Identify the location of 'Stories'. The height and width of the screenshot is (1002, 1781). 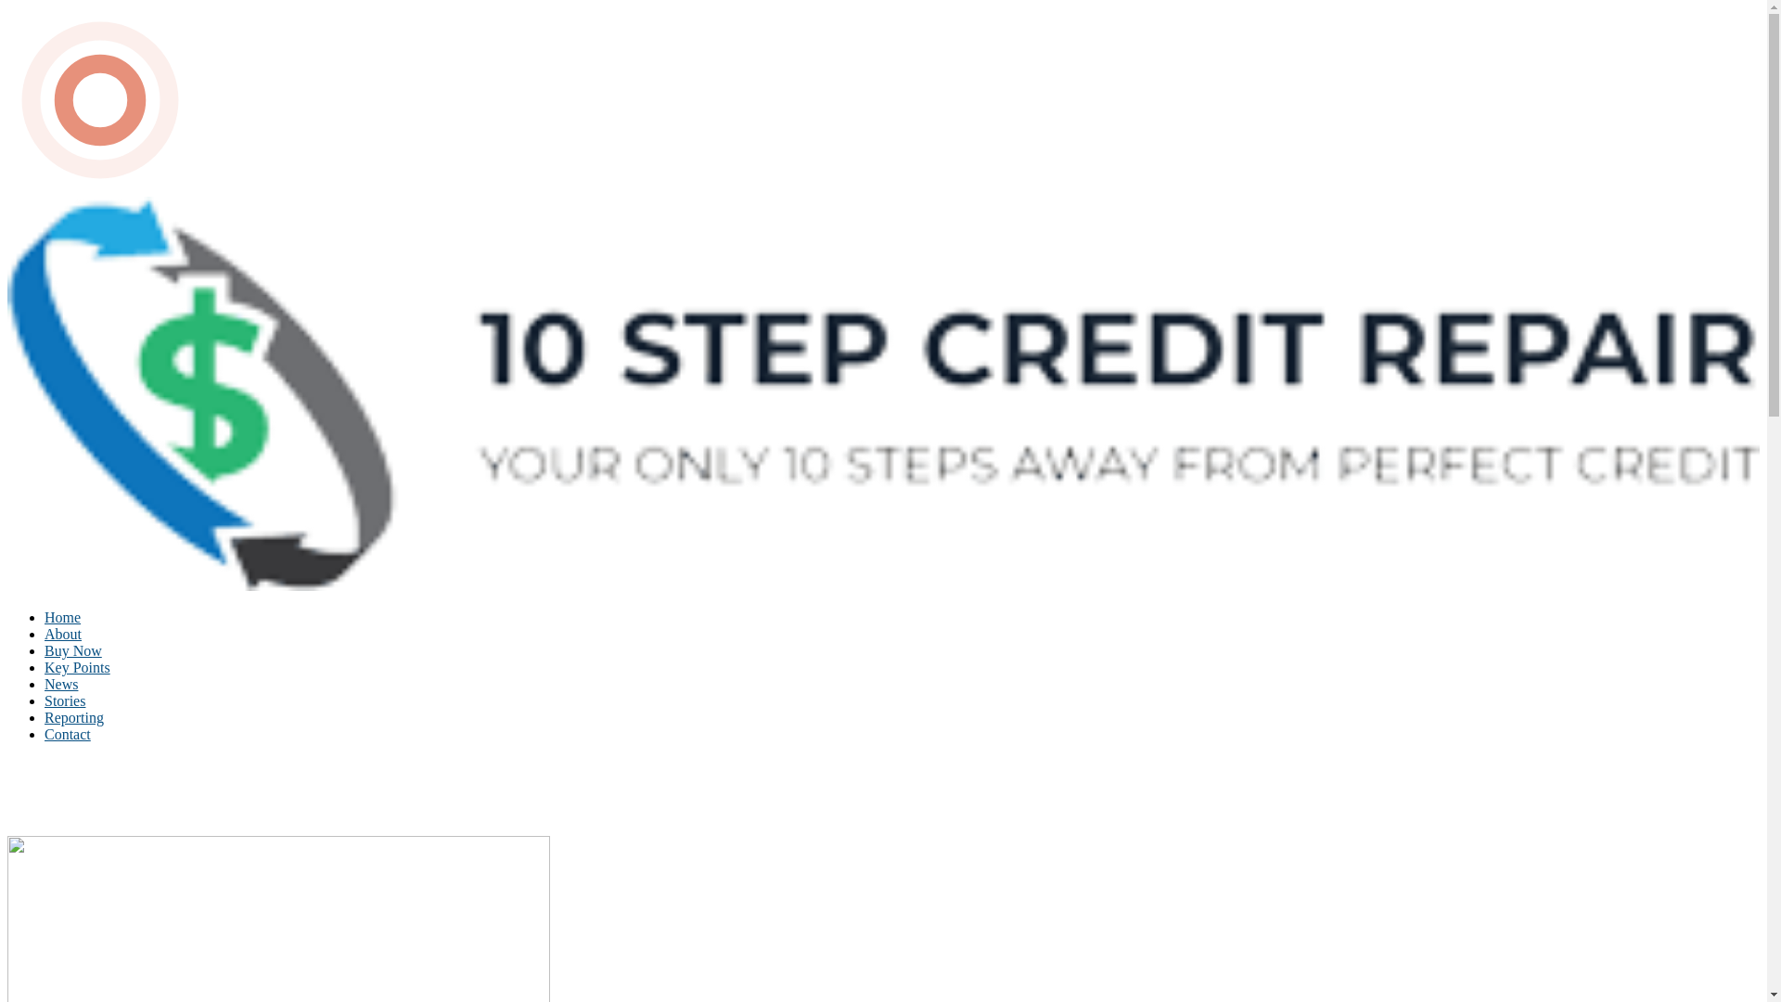
(65, 700).